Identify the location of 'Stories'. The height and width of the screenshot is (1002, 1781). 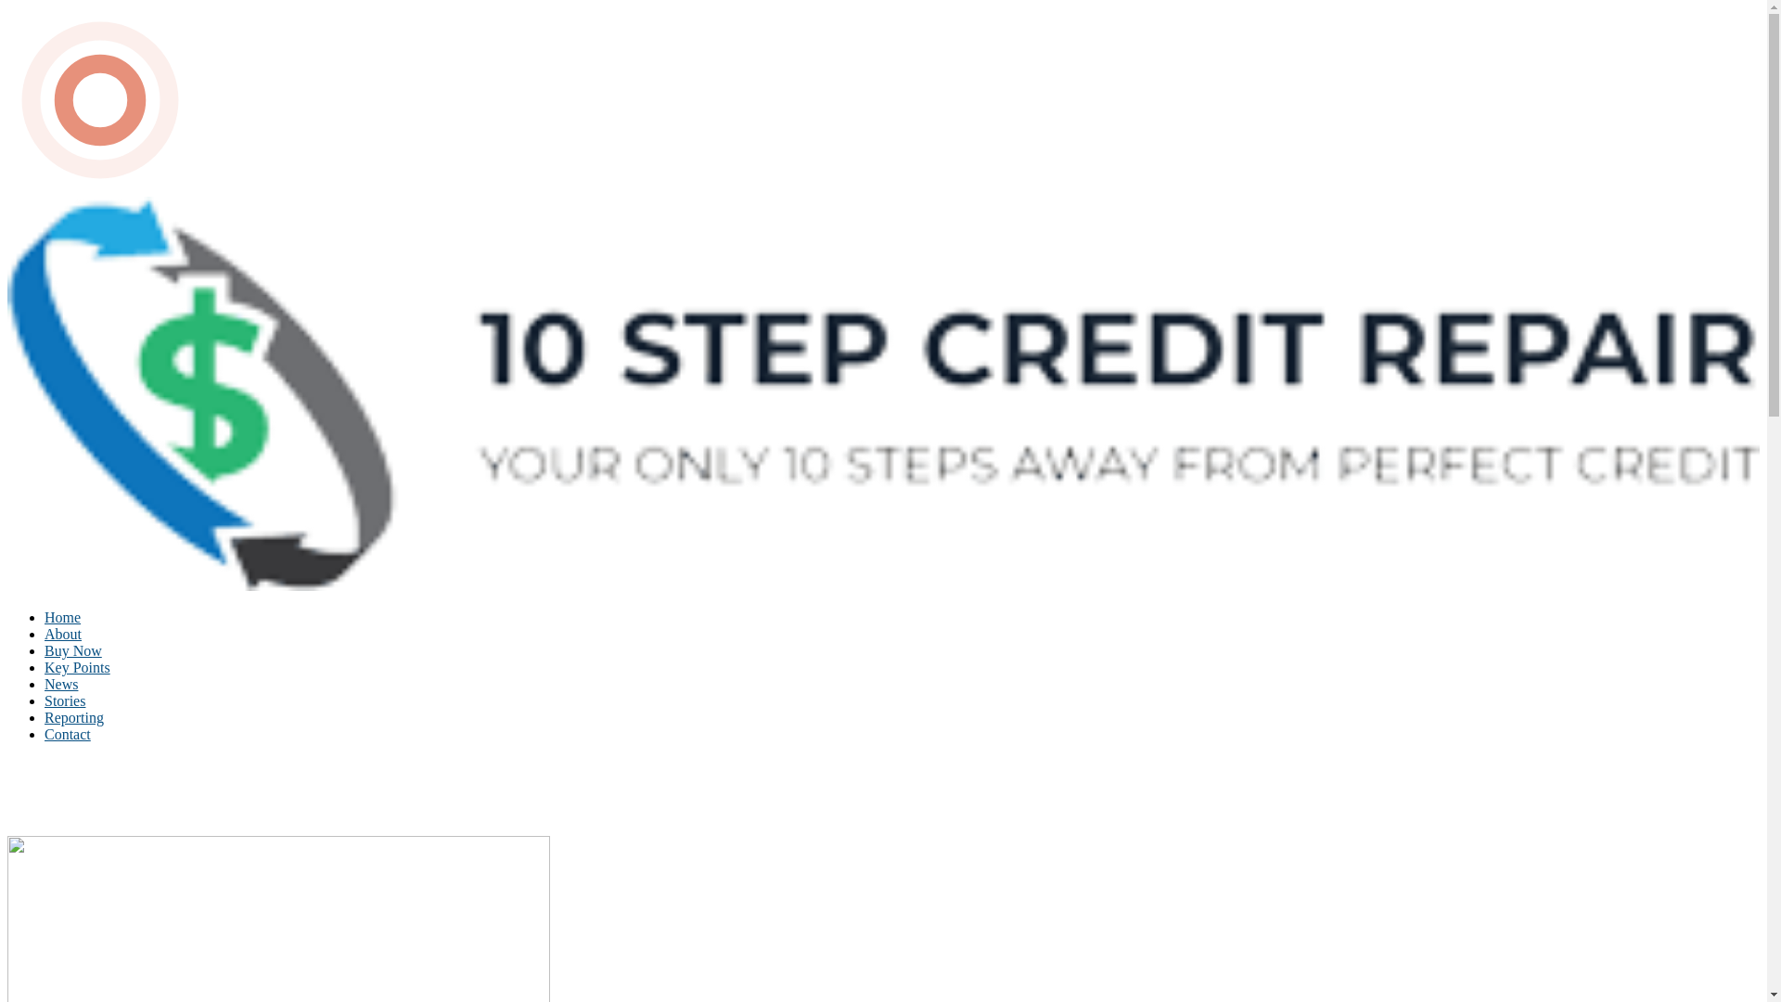
(65, 700).